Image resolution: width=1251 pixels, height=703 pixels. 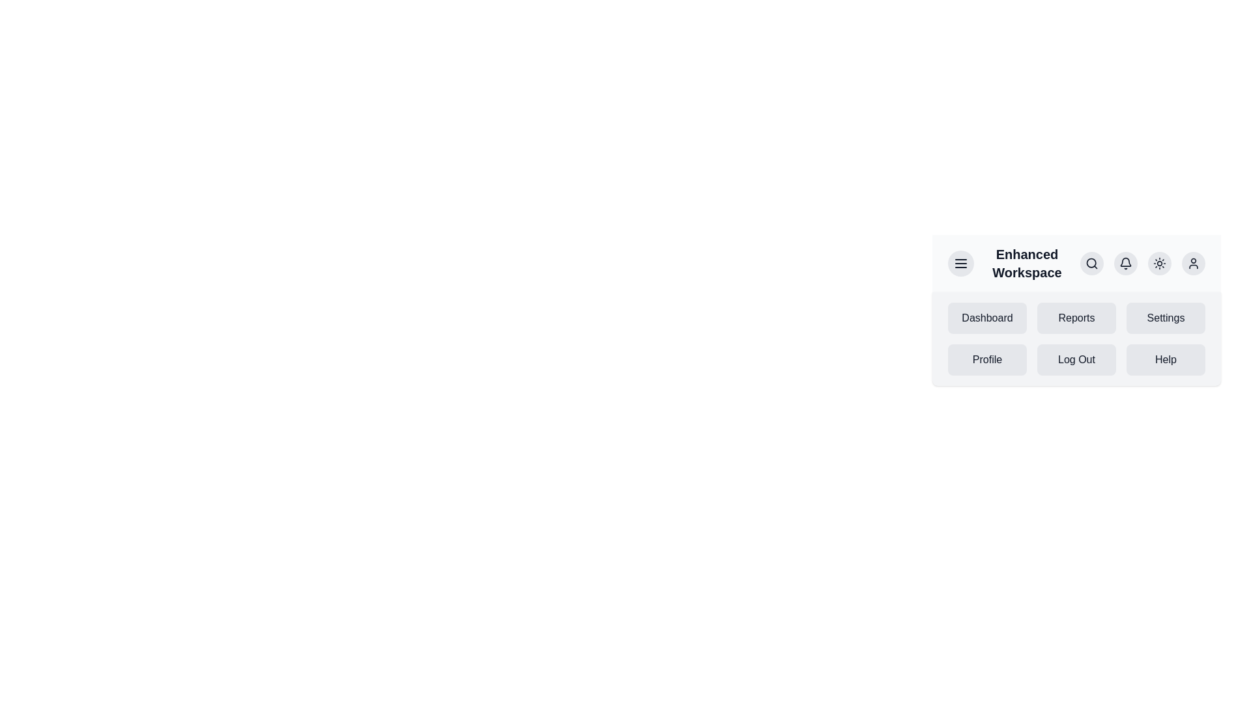 What do you see at coordinates (960, 264) in the screenshot?
I see `the menu toggle button to toggle the menu visibility` at bounding box center [960, 264].